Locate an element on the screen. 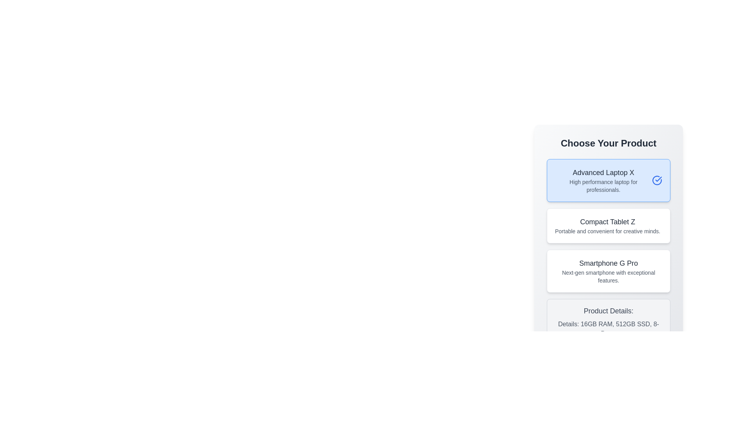  details from the text content that reads 'Details: 16GB RAM, 512GB SSD, 8-core Processor.' located below the heading 'Product Details:' in a medium-gray font against a light gray background is located at coordinates (608, 329).